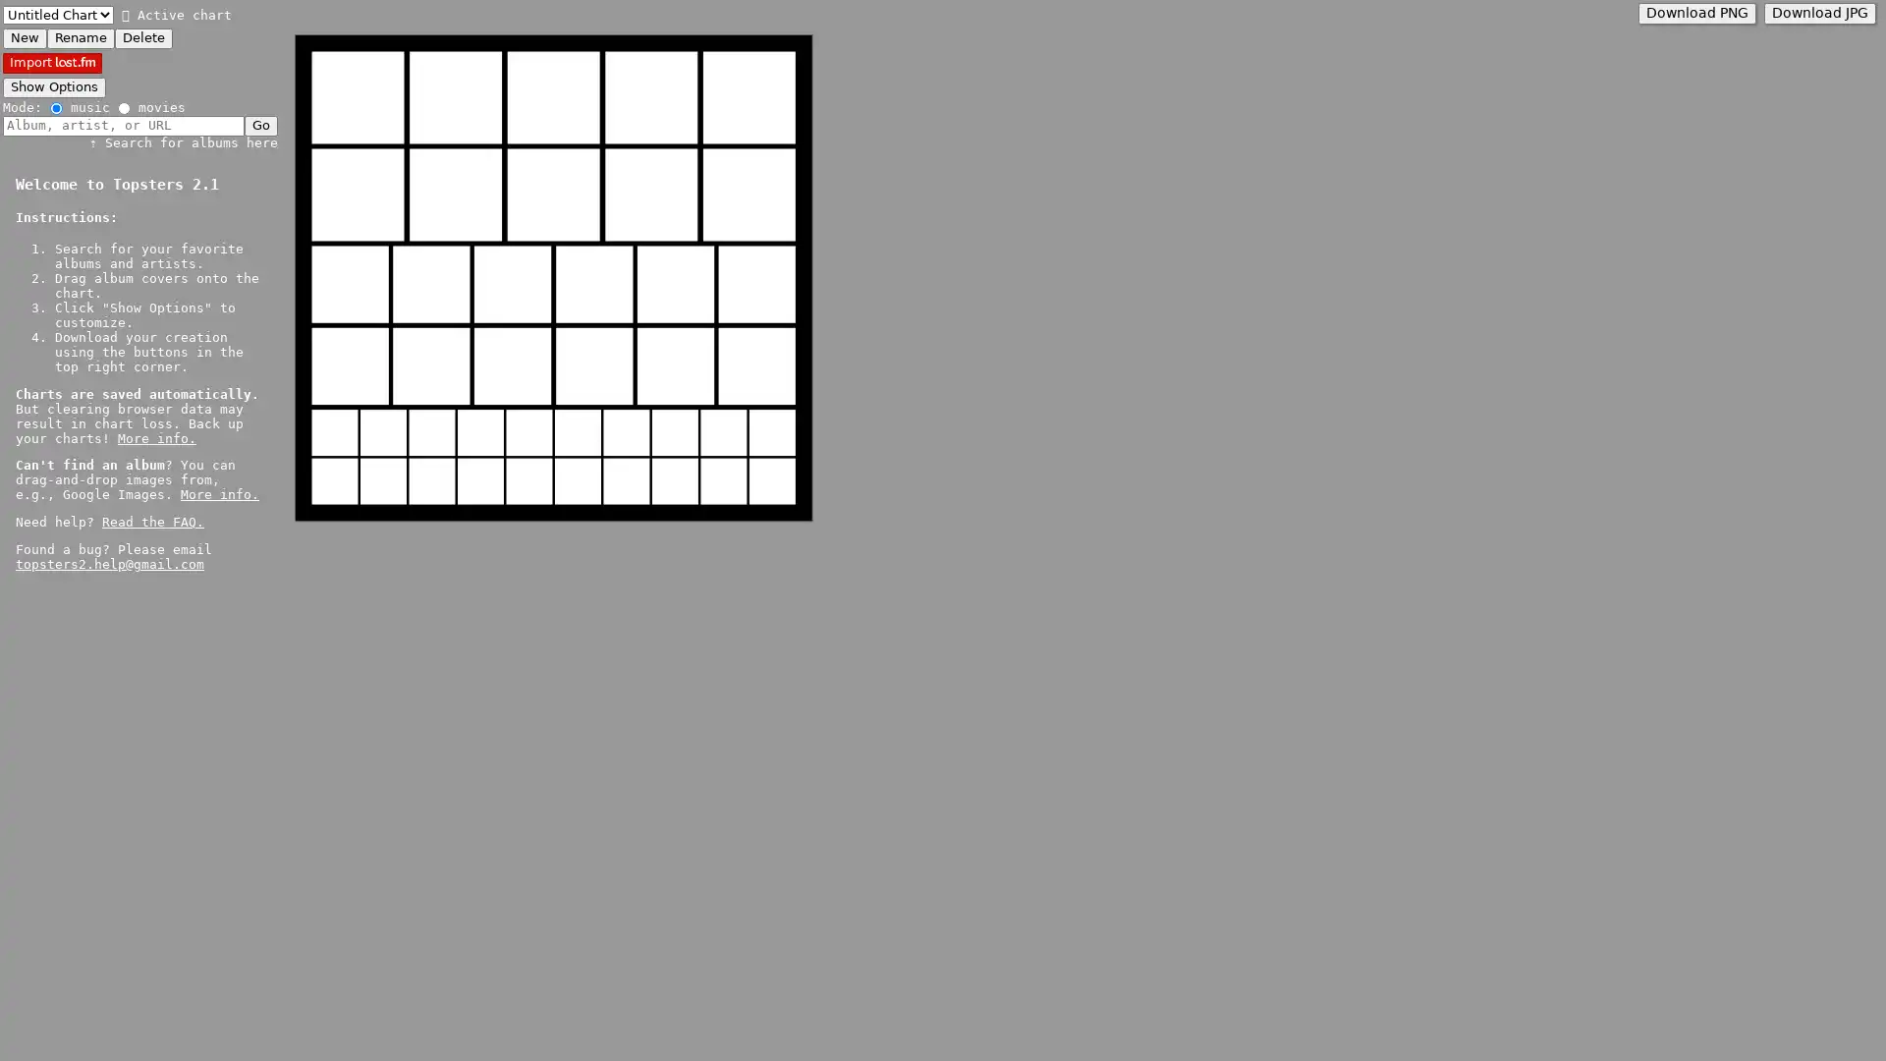 This screenshot has width=1886, height=1061. Describe the element at coordinates (142, 37) in the screenshot. I see `Delete` at that location.